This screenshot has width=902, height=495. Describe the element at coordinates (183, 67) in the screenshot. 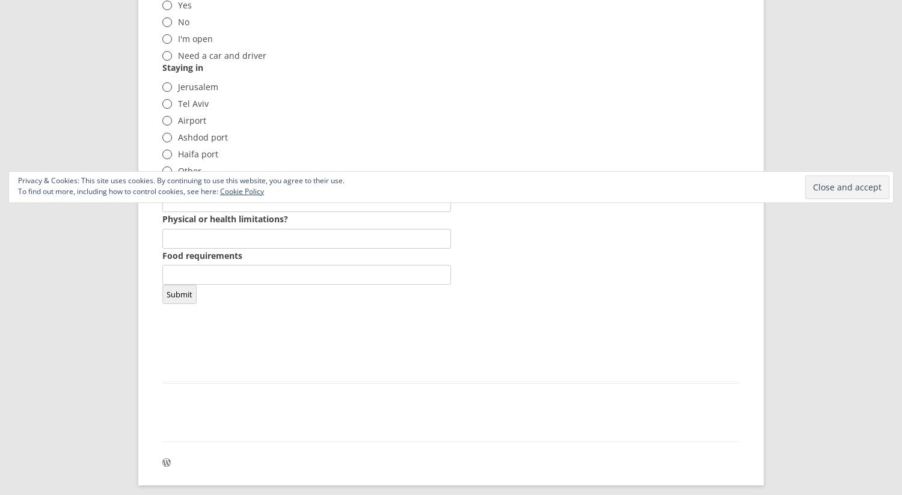

I see `'Staying in'` at that location.